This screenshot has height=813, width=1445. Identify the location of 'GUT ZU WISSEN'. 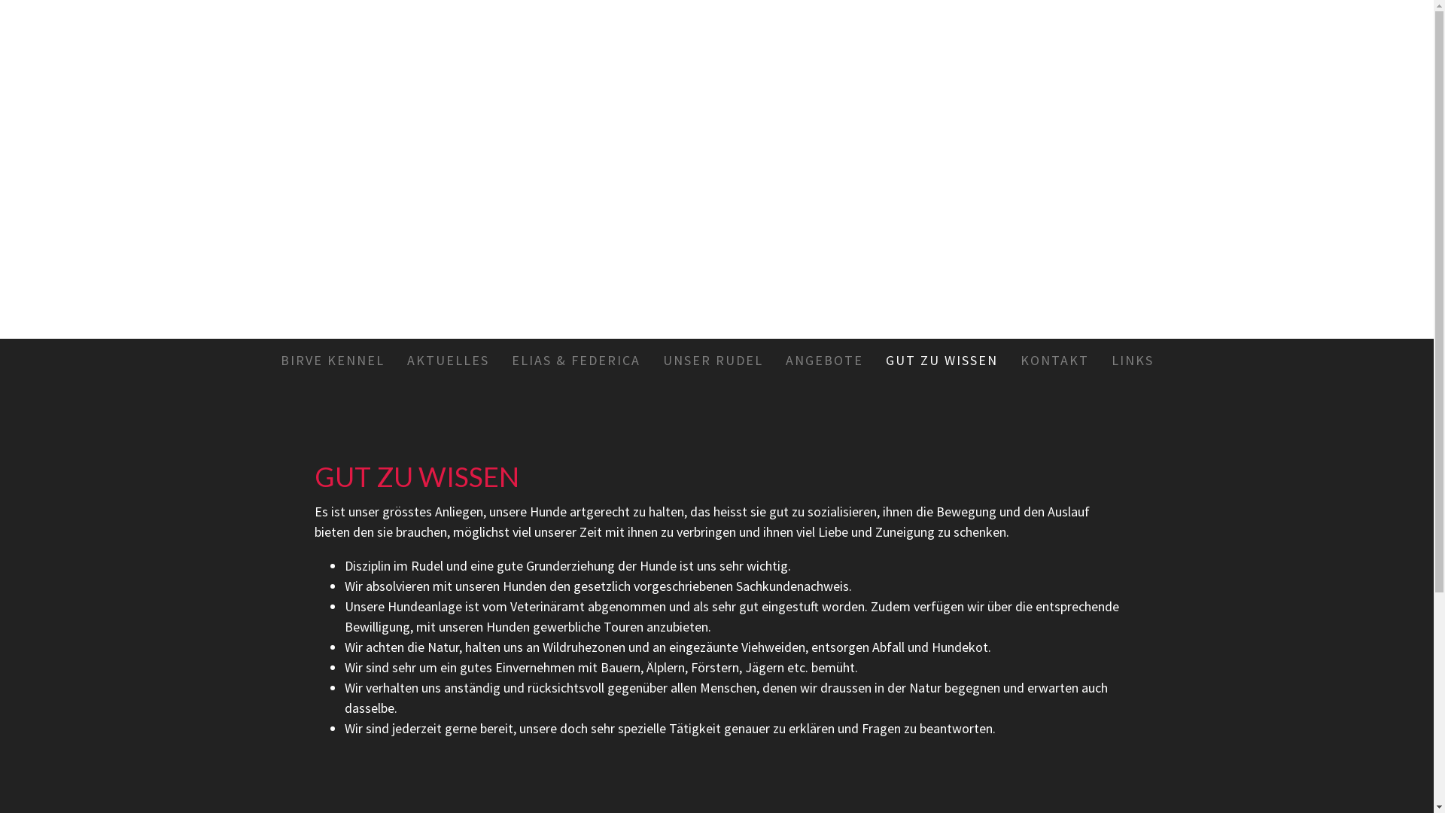
(941, 360).